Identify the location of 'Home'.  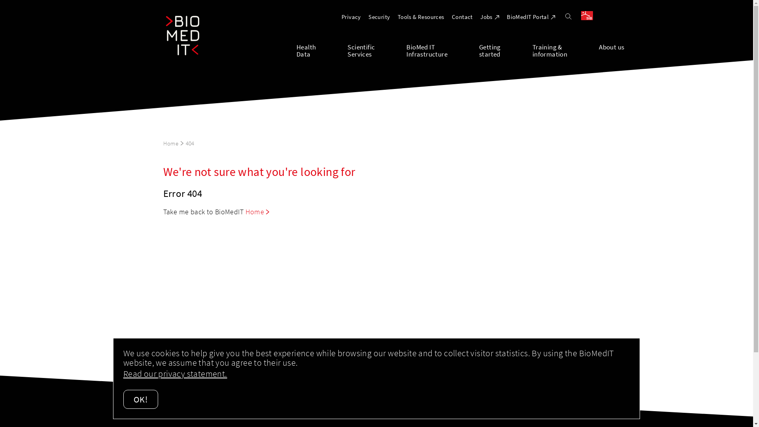
(173, 143).